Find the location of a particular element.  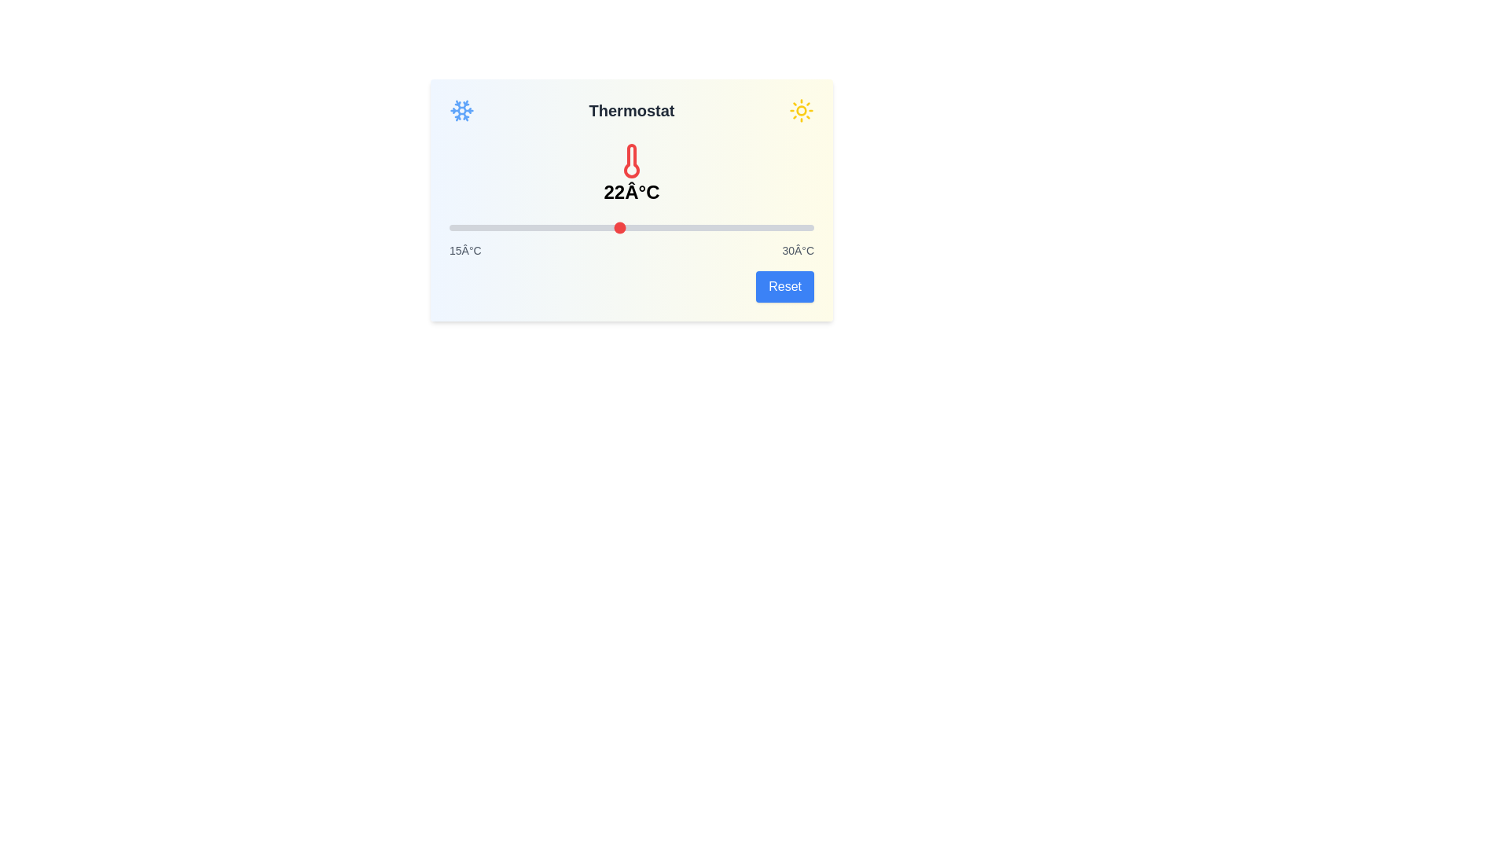

the slider to set the temperature to 19 degrees is located at coordinates (546, 227).